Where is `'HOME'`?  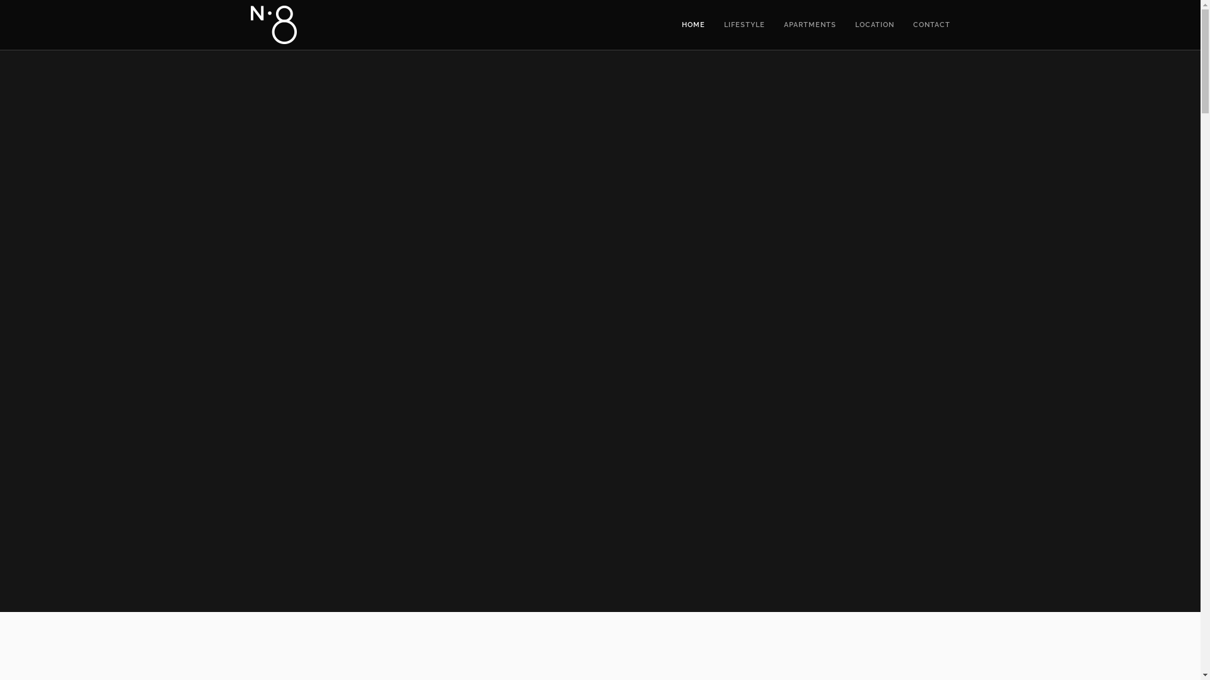 'HOME' is located at coordinates (693, 25).